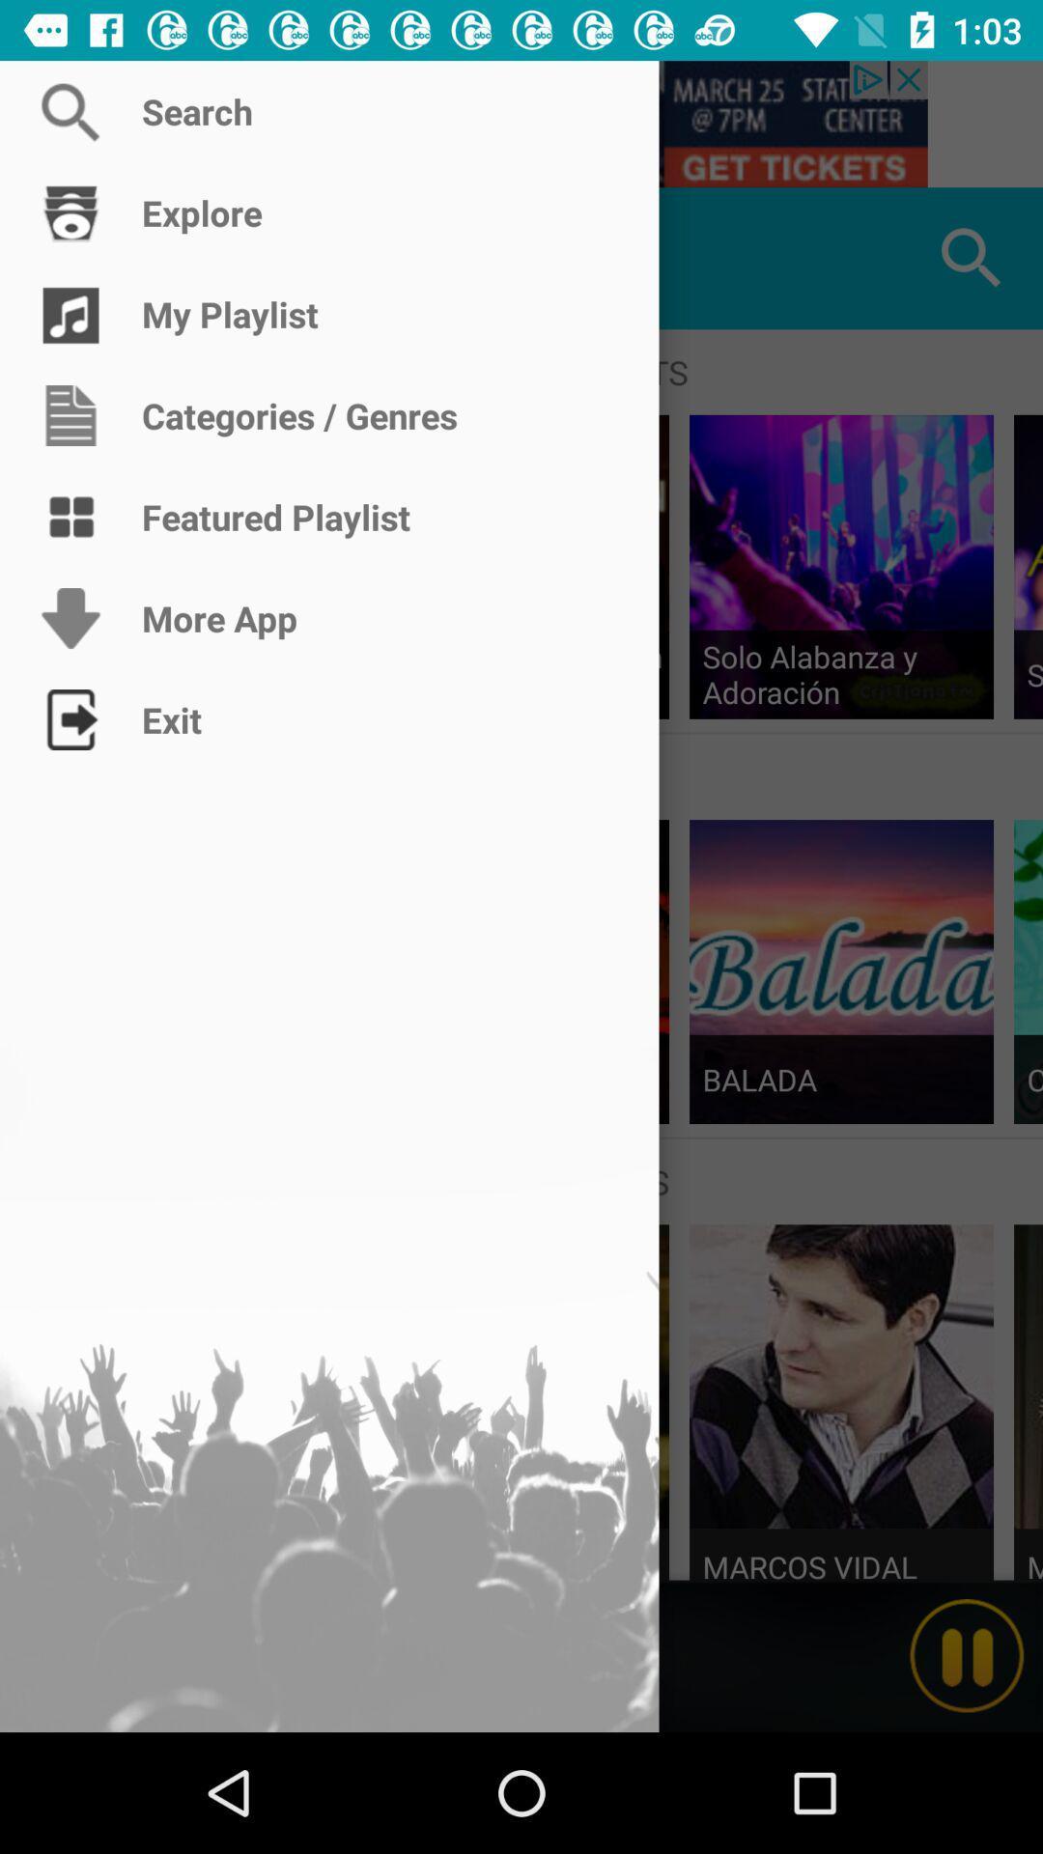 This screenshot has height=1854, width=1043. I want to click on playlist, so click(70, 257).